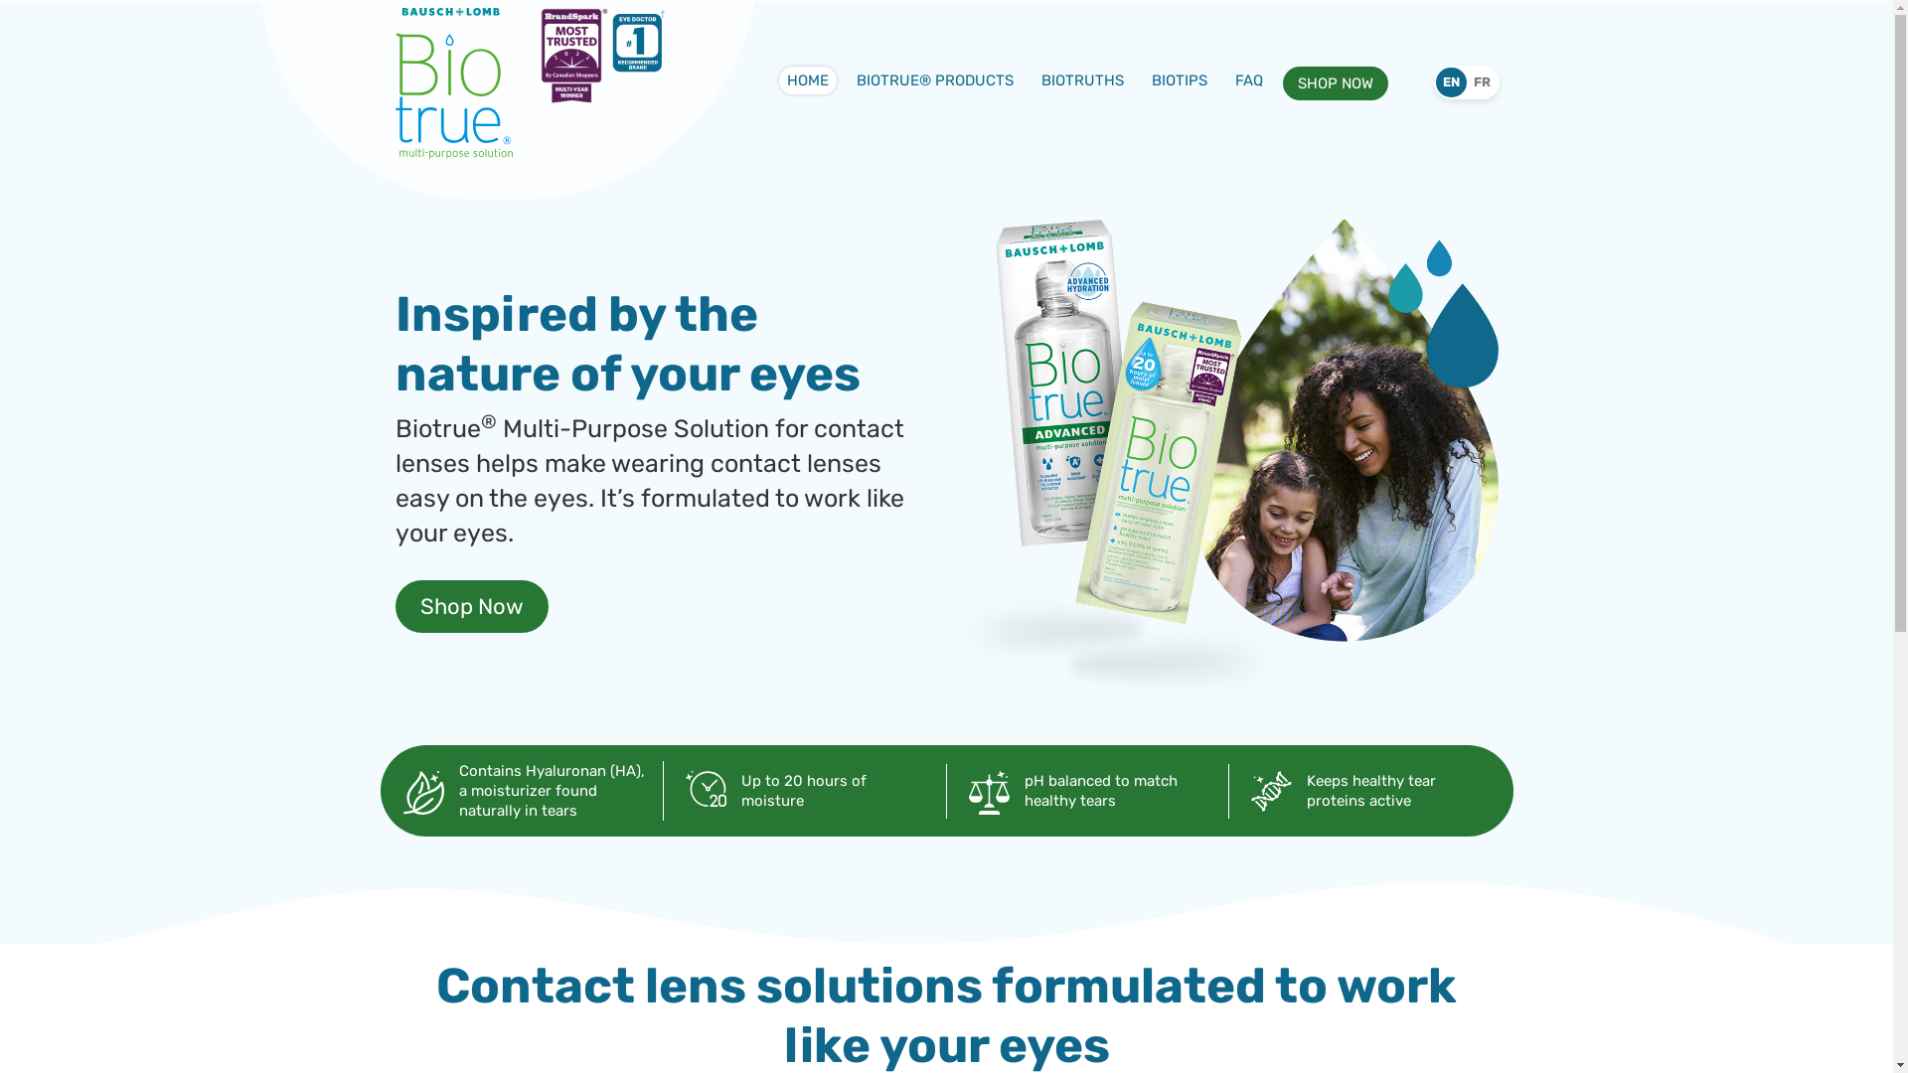 The width and height of the screenshot is (1908, 1073). I want to click on 'BIOTRUTHS', so click(1081, 79).